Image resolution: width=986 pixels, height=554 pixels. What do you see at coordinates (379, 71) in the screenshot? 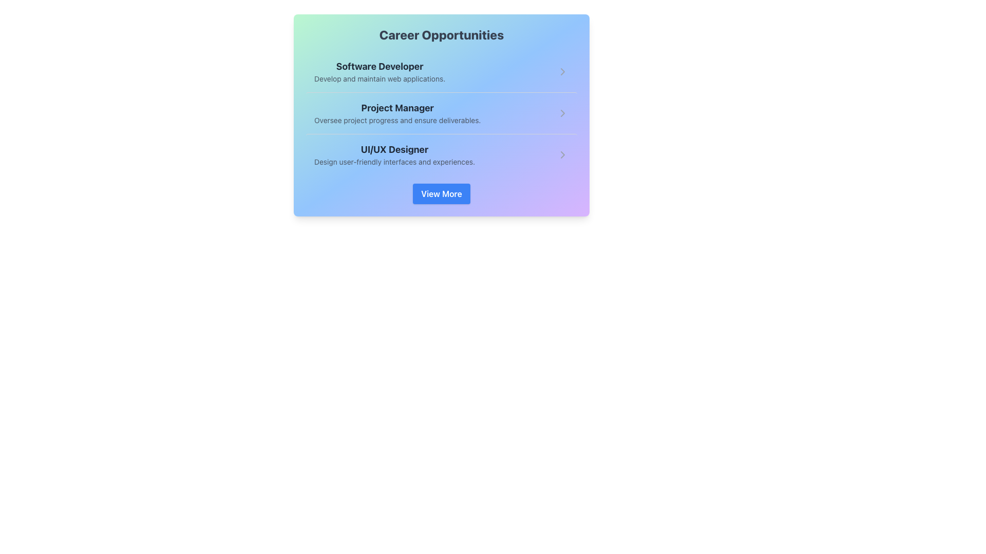
I see `the first List Item (Text Block) titled 'Software Developer' in the 'Career Opportunities' section, which features bold text and a smaller gray description` at bounding box center [379, 71].